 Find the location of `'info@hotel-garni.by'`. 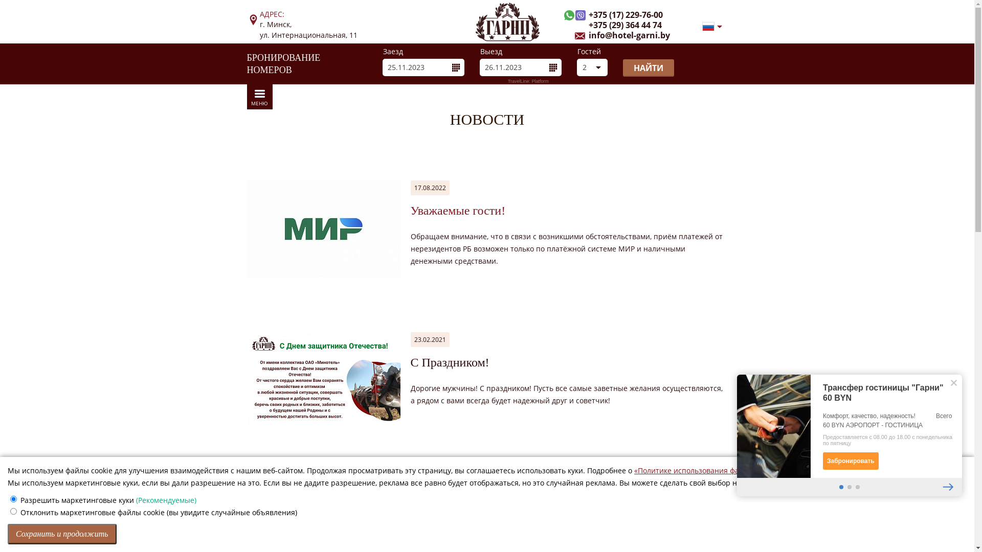

'info@hotel-garni.by' is located at coordinates (621, 35).